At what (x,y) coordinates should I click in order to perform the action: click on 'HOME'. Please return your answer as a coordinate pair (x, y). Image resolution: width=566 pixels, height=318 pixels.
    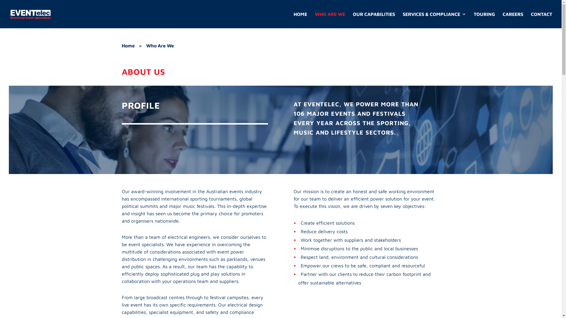
    Looking at the image, I should click on (300, 20).